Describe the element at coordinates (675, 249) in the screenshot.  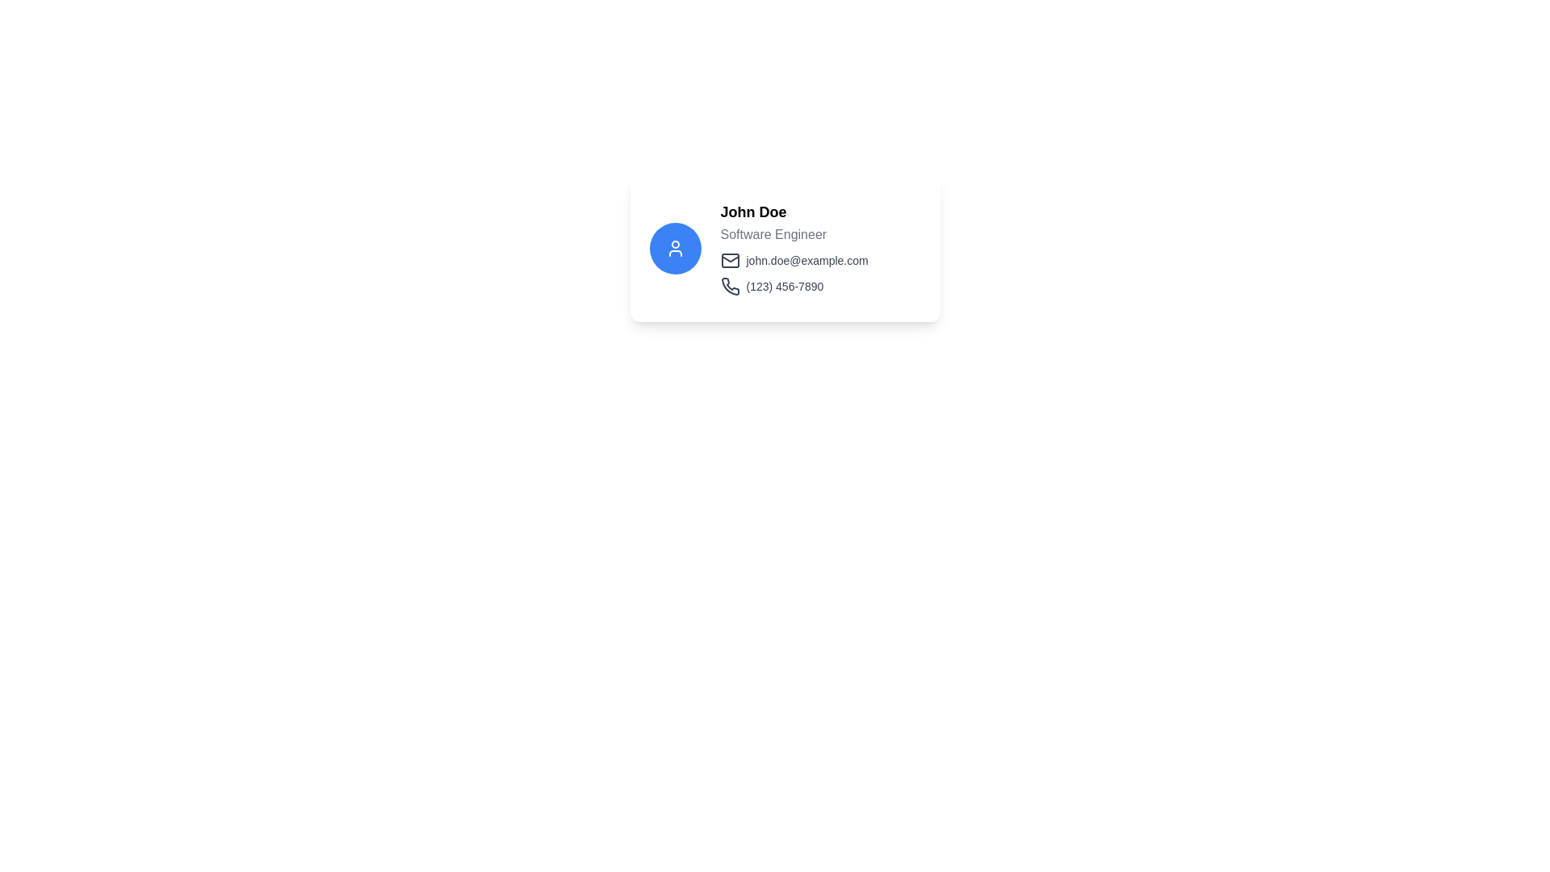
I see `the circular icon representing the contact in the left part of the contact card layout` at that location.